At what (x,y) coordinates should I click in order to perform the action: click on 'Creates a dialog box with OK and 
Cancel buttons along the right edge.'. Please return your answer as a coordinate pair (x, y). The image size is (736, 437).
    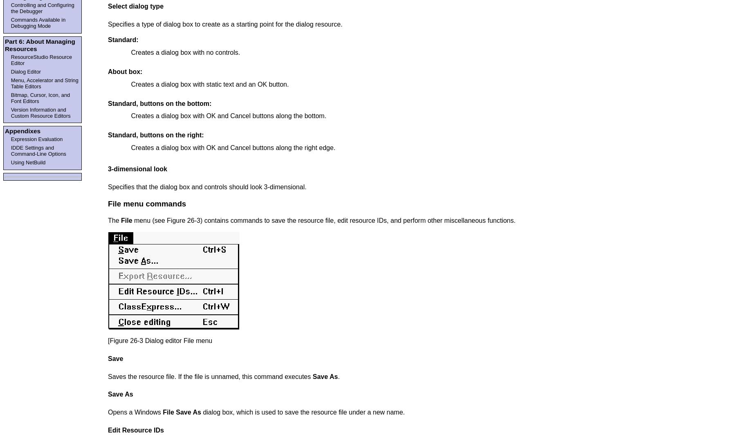
    Looking at the image, I should click on (233, 148).